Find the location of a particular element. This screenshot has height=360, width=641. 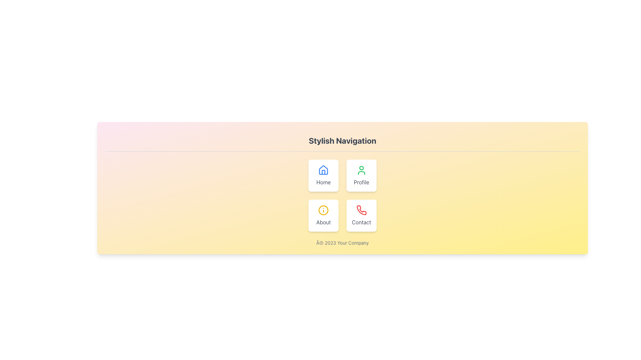

the decorative 'Home' icon located in the top-left corner of the grid, above the text 'Home' is located at coordinates (324, 170).